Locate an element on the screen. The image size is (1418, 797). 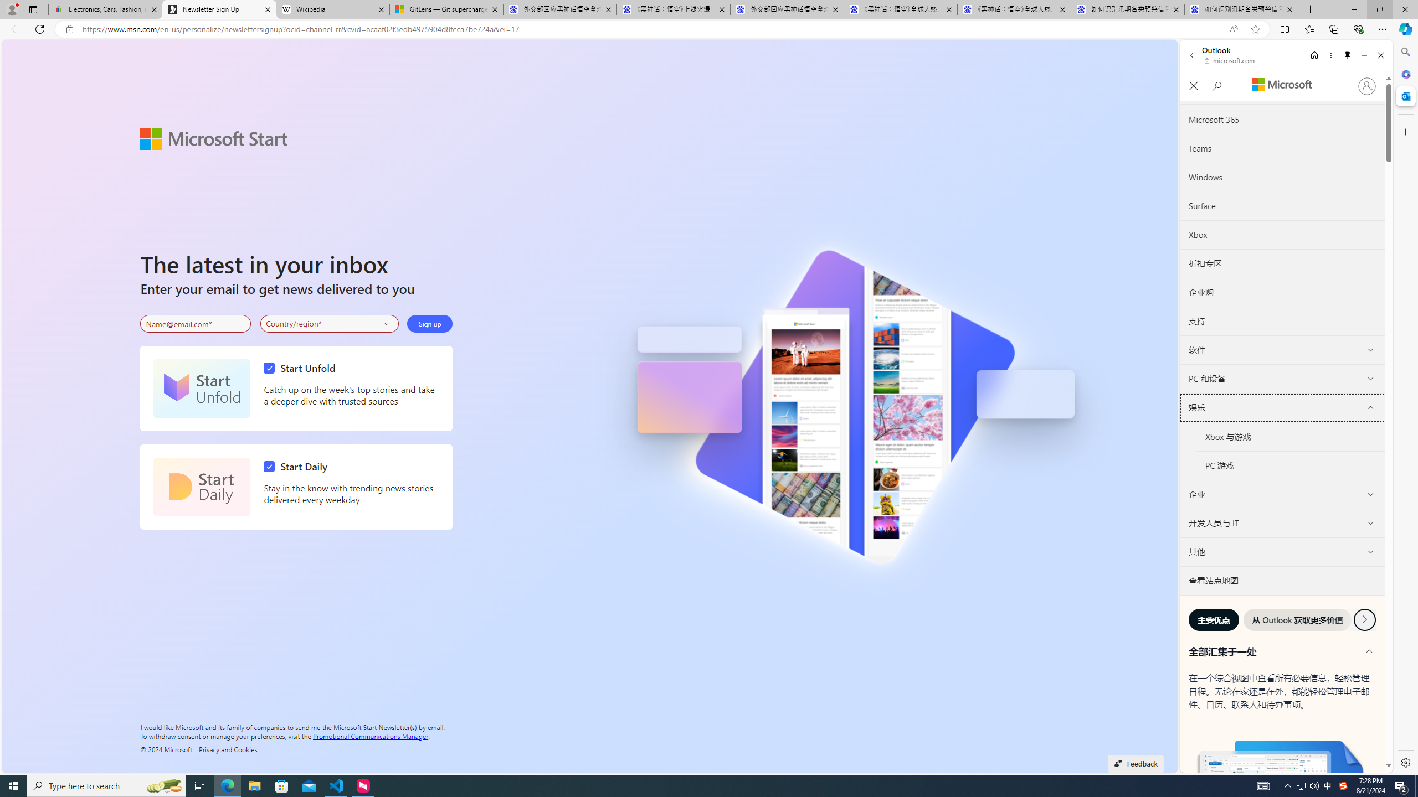
'Microsoft' is located at coordinates (1282, 85).